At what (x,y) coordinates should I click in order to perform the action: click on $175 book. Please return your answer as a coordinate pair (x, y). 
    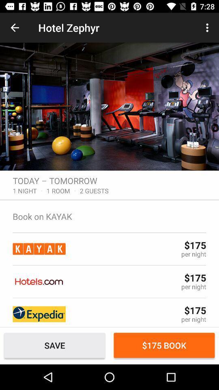
    Looking at the image, I should click on (164, 345).